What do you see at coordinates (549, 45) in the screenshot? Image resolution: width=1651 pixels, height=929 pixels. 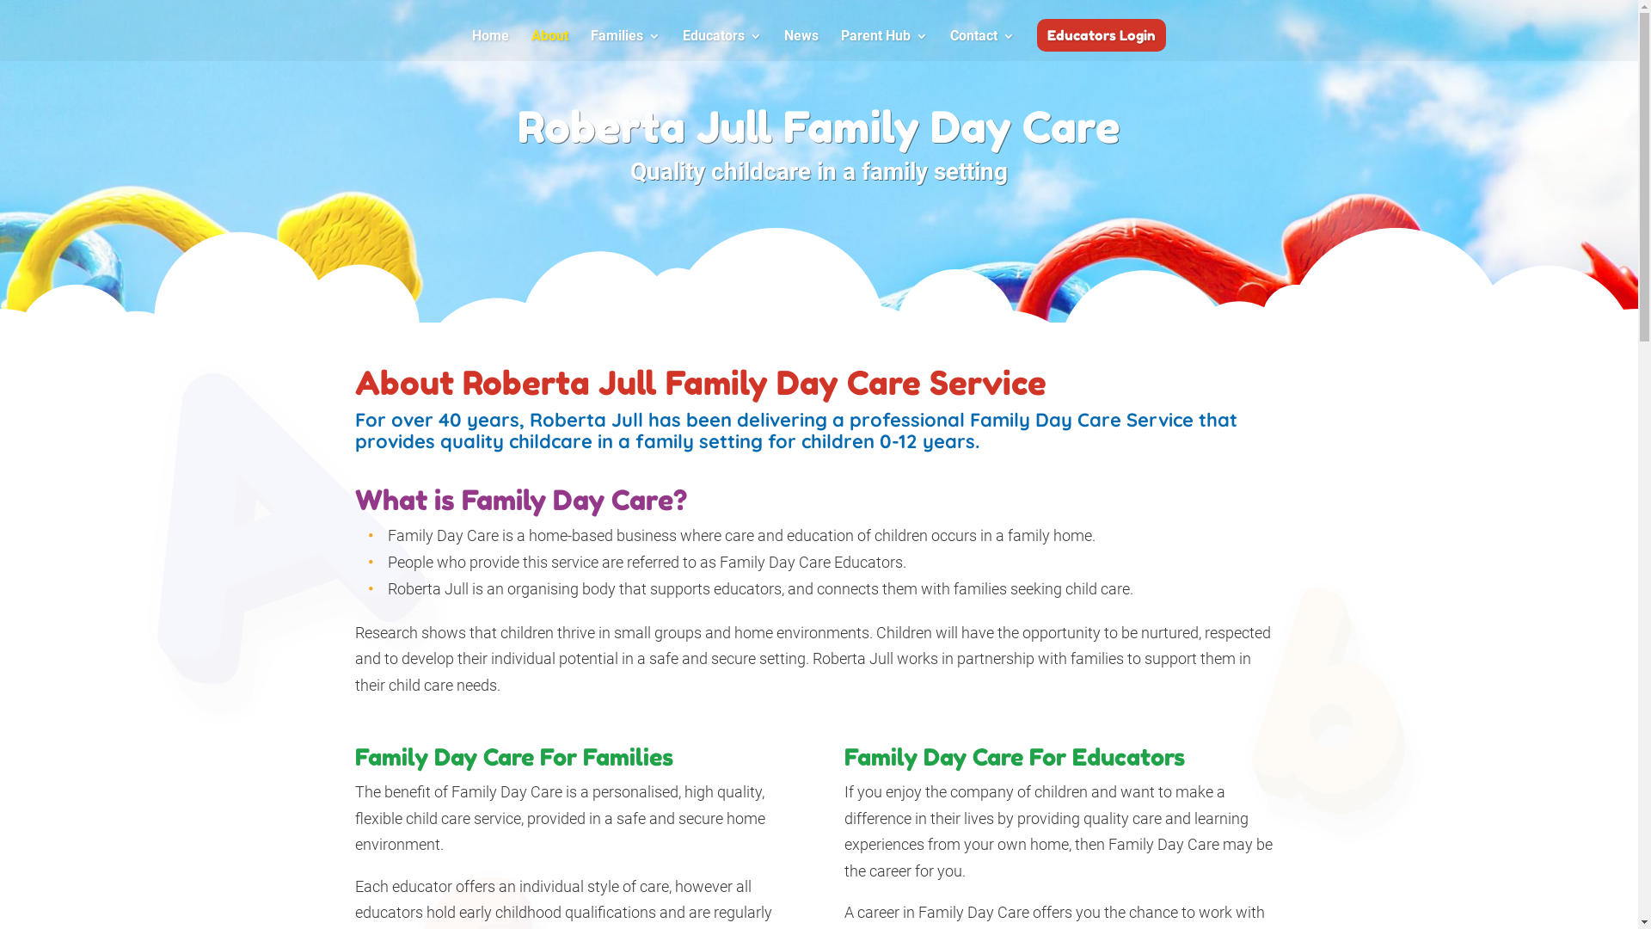 I see `'About'` at bounding box center [549, 45].